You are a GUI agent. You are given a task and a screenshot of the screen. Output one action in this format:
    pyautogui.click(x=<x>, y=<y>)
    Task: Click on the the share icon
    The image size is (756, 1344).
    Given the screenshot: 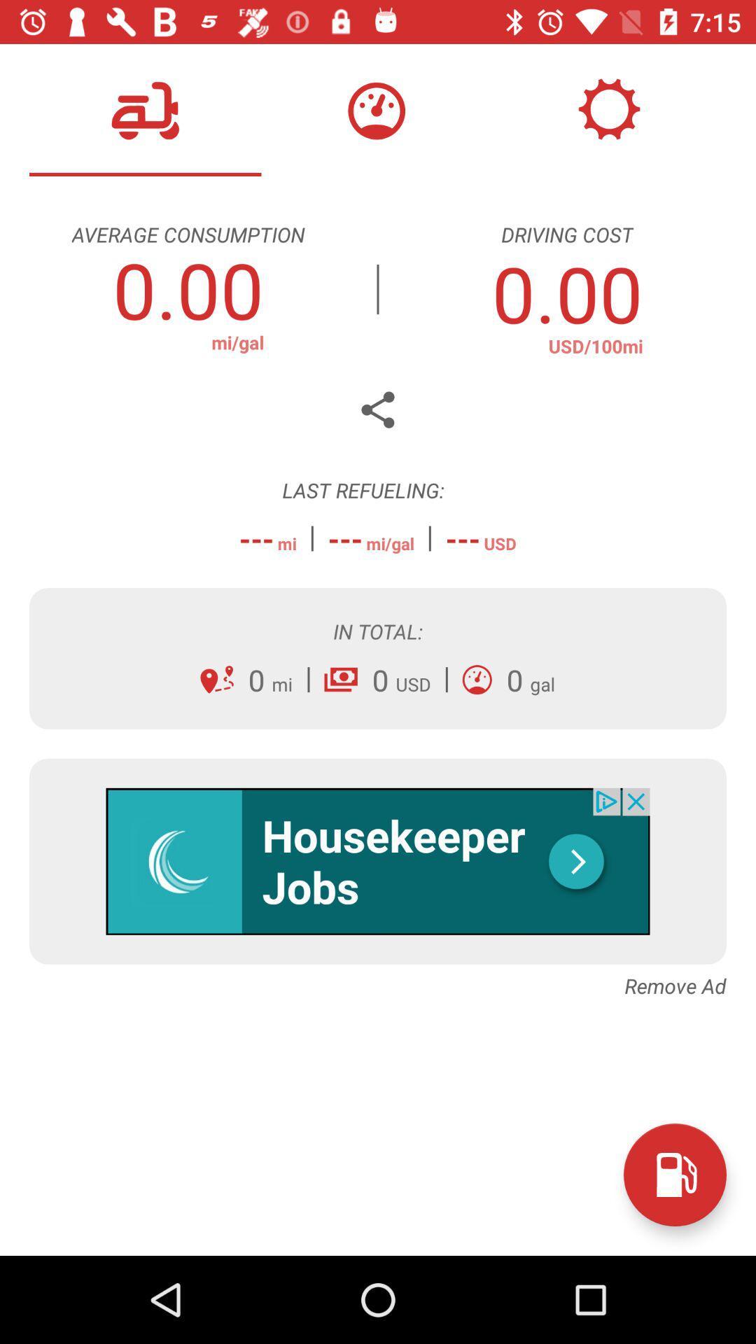 What is the action you would take?
    pyautogui.click(x=378, y=409)
    